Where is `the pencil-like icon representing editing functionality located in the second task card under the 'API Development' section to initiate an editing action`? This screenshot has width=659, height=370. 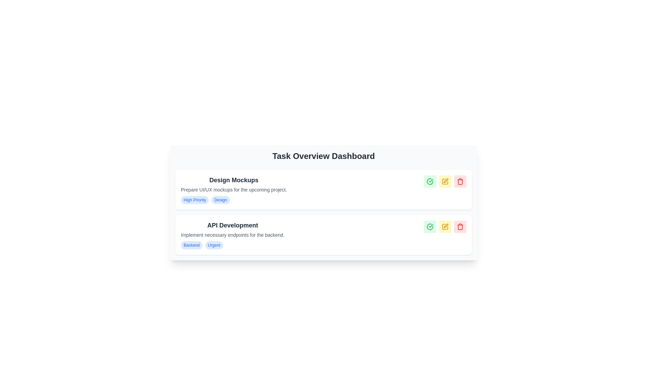
the pencil-like icon representing editing functionality located in the second task card under the 'API Development' section to initiate an editing action is located at coordinates (446, 226).